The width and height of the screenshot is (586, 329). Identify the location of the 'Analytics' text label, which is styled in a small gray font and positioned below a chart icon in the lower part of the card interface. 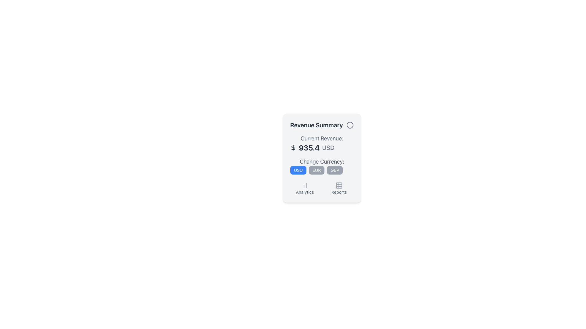
(305, 192).